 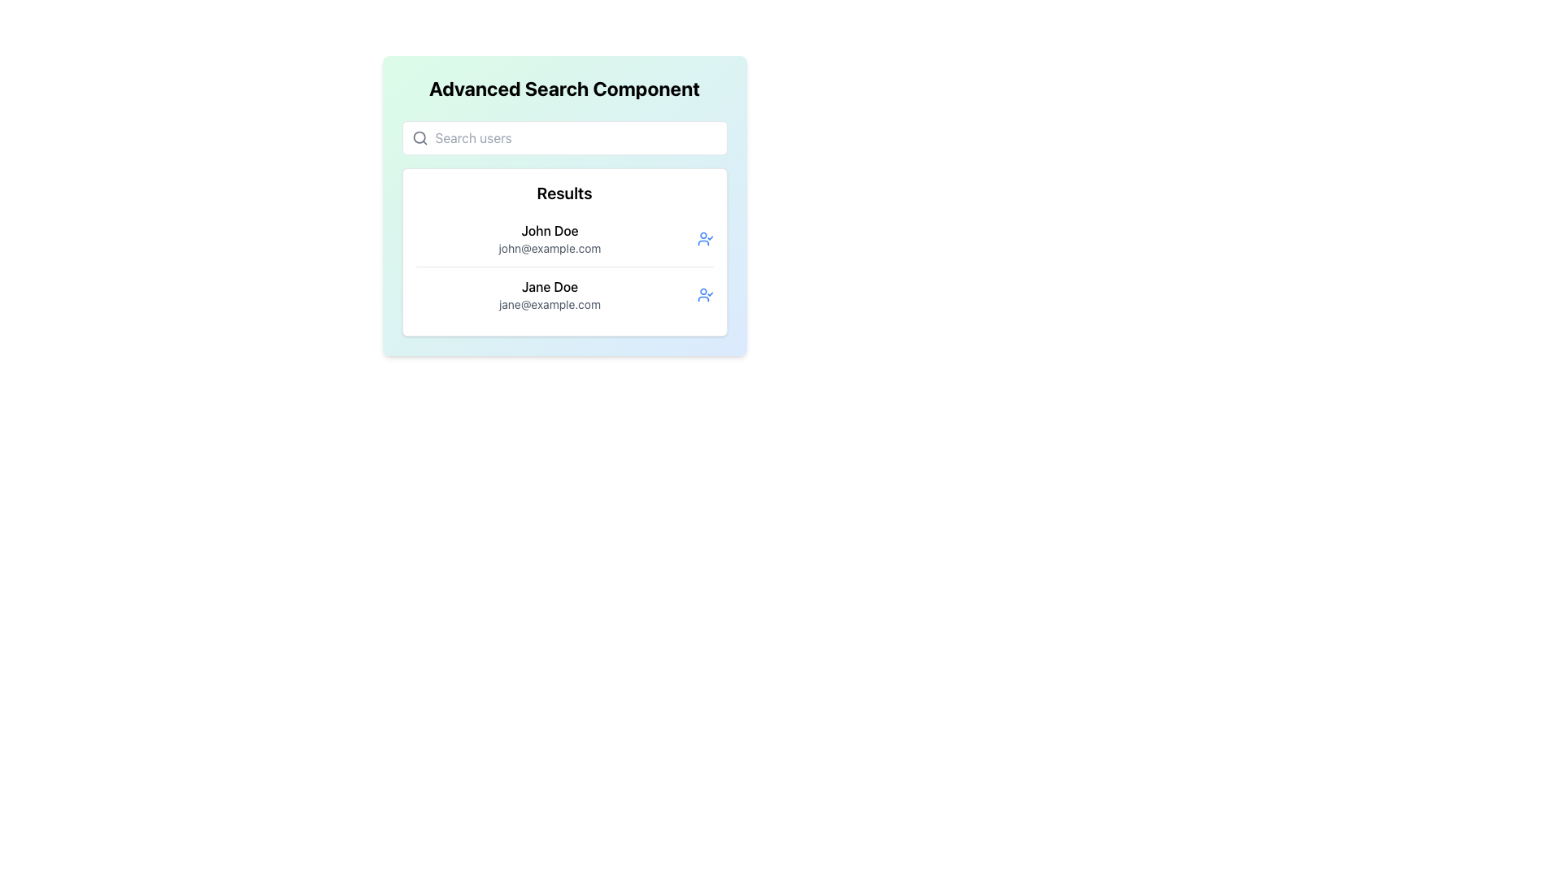 What do you see at coordinates (550, 248) in the screenshot?
I see `the static text displaying the email address associated with the user 'John Doe' in the search results, located below the name 'John Doe'` at bounding box center [550, 248].